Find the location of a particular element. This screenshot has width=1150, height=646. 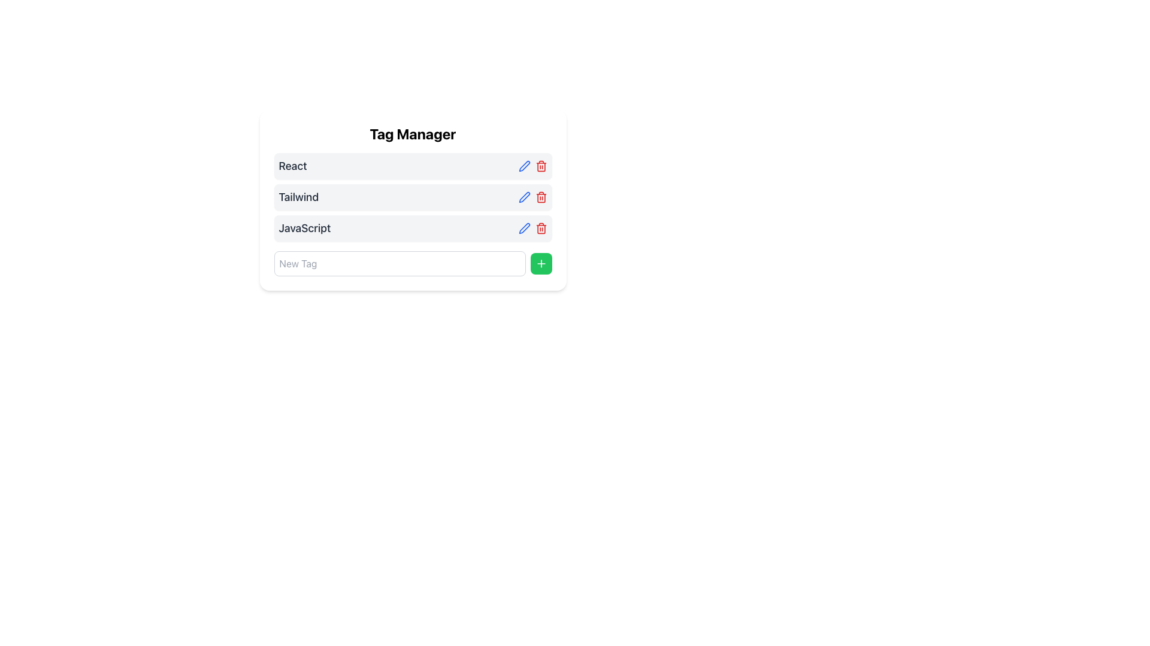

the 'Add New Tag' button located at the far-right of the horizontal layout, which is next to the 'New Tag' input field is located at coordinates (540, 263).